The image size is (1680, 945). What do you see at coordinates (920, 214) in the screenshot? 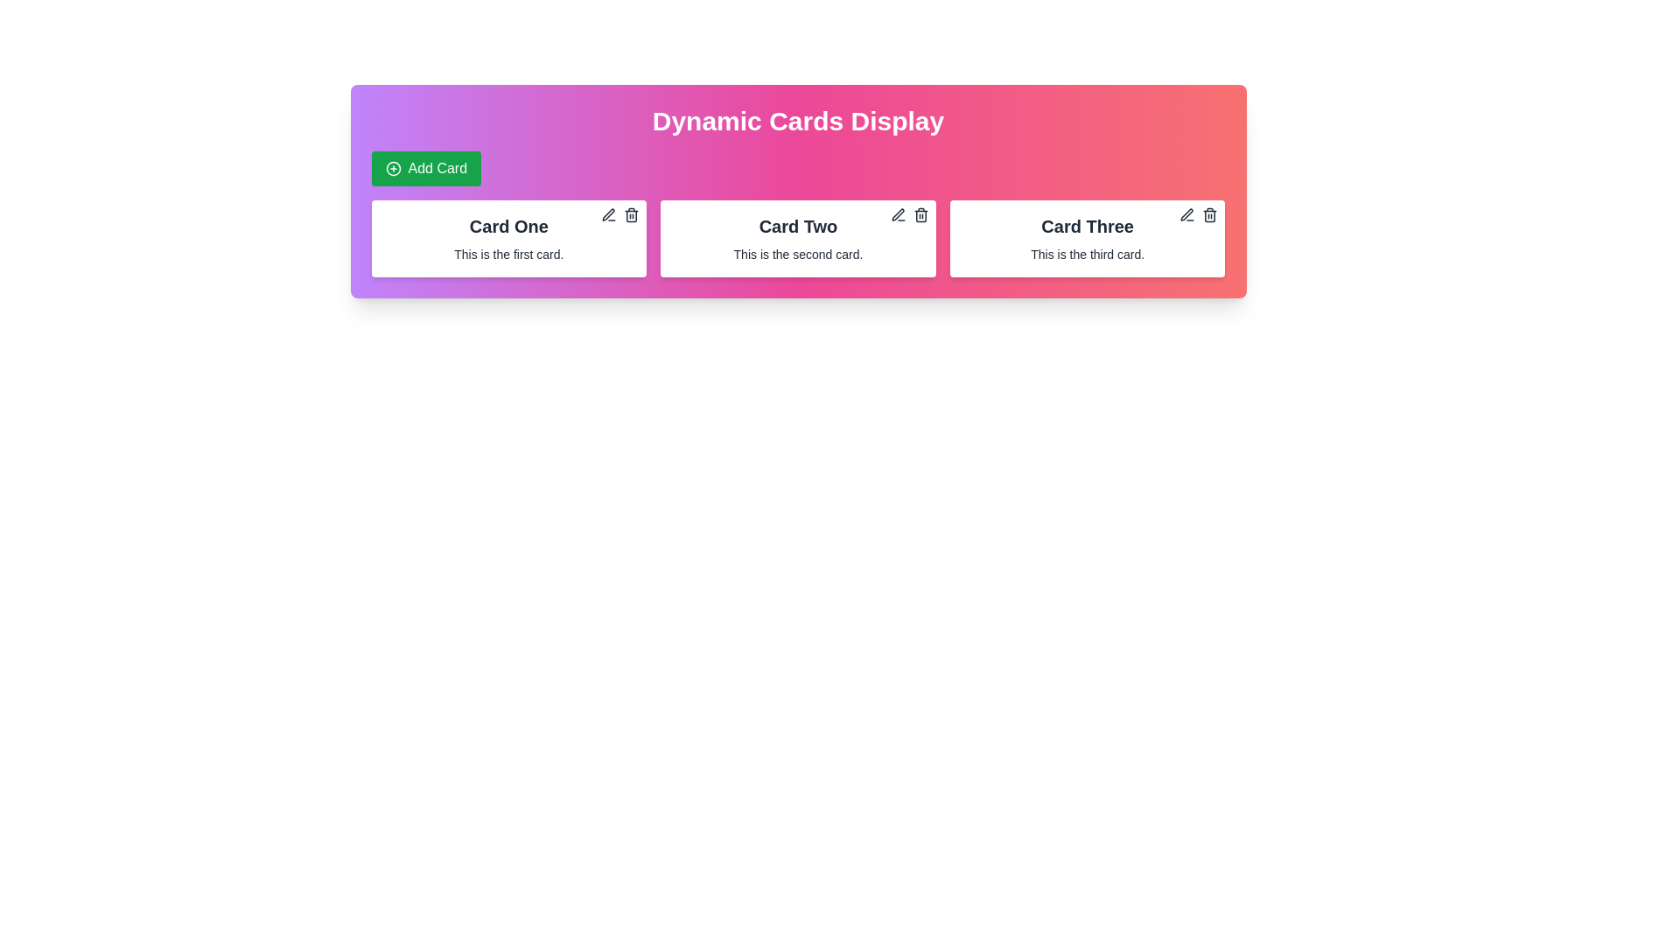
I see `the trash bin icon button located at the top-right corner of the 'Card Two', which is the last icon in a row of two, adjacent to the pencil icon` at bounding box center [920, 214].